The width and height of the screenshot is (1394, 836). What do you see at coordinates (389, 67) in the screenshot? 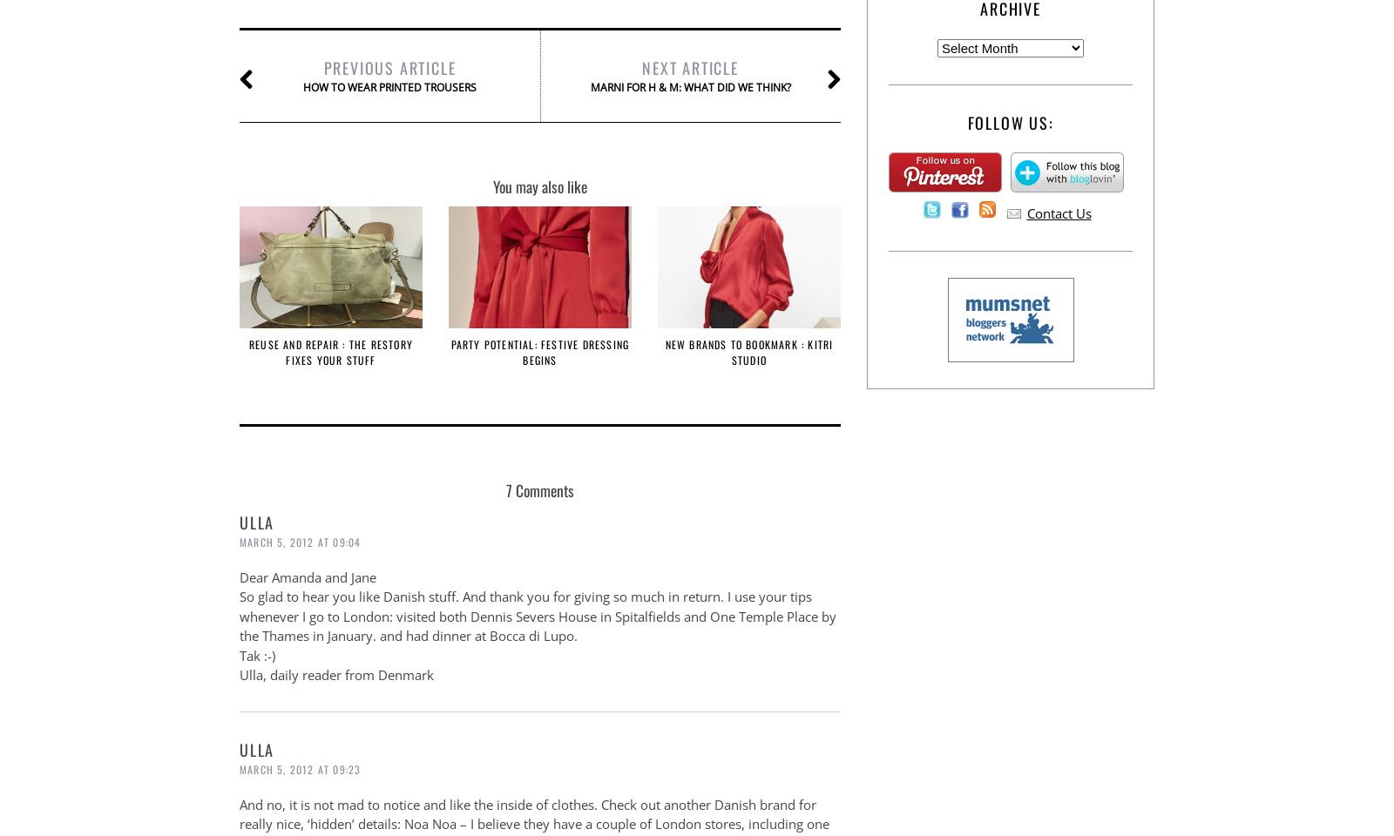
I see `'Previous article'` at bounding box center [389, 67].